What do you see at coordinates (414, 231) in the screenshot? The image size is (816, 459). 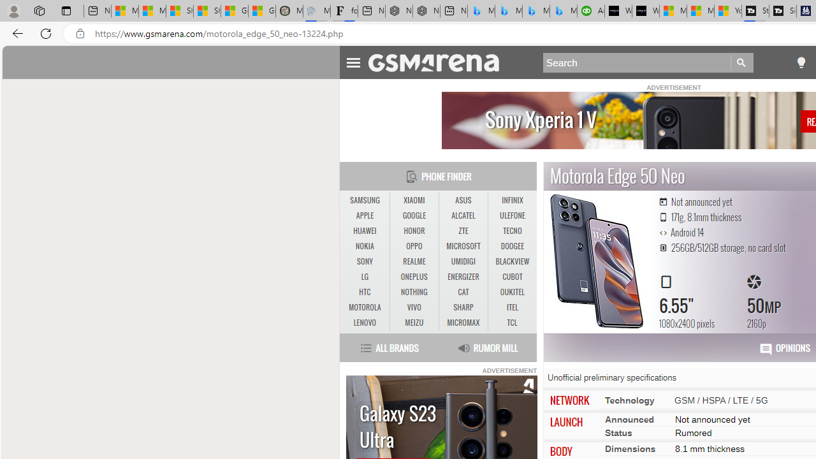 I see `'HONOR'` at bounding box center [414, 231].